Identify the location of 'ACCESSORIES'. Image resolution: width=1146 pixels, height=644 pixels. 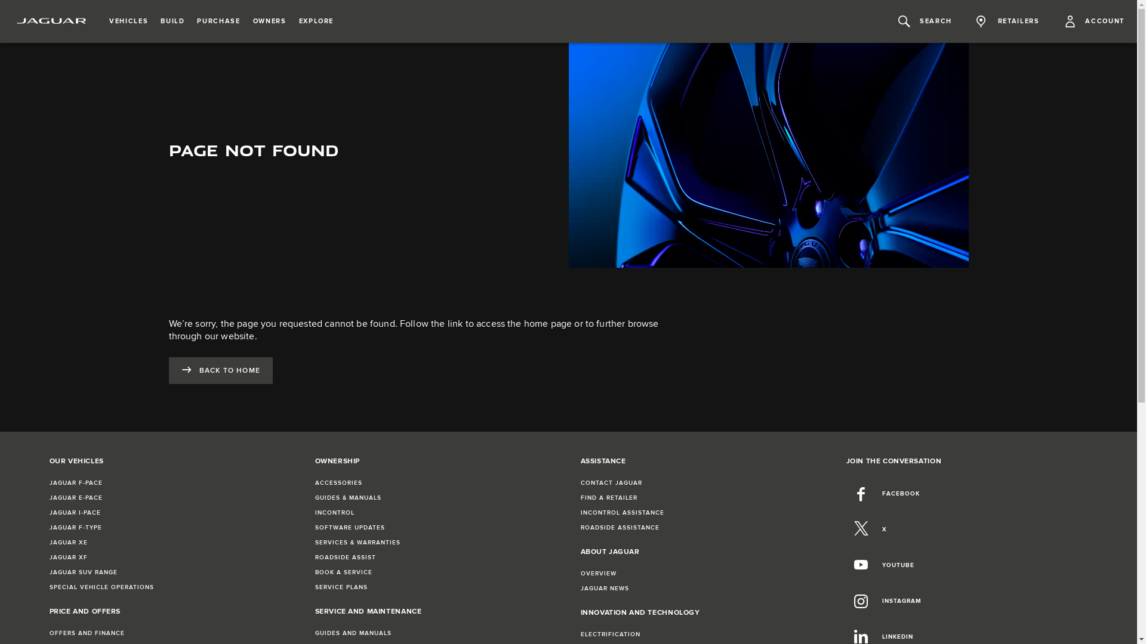
(338, 483).